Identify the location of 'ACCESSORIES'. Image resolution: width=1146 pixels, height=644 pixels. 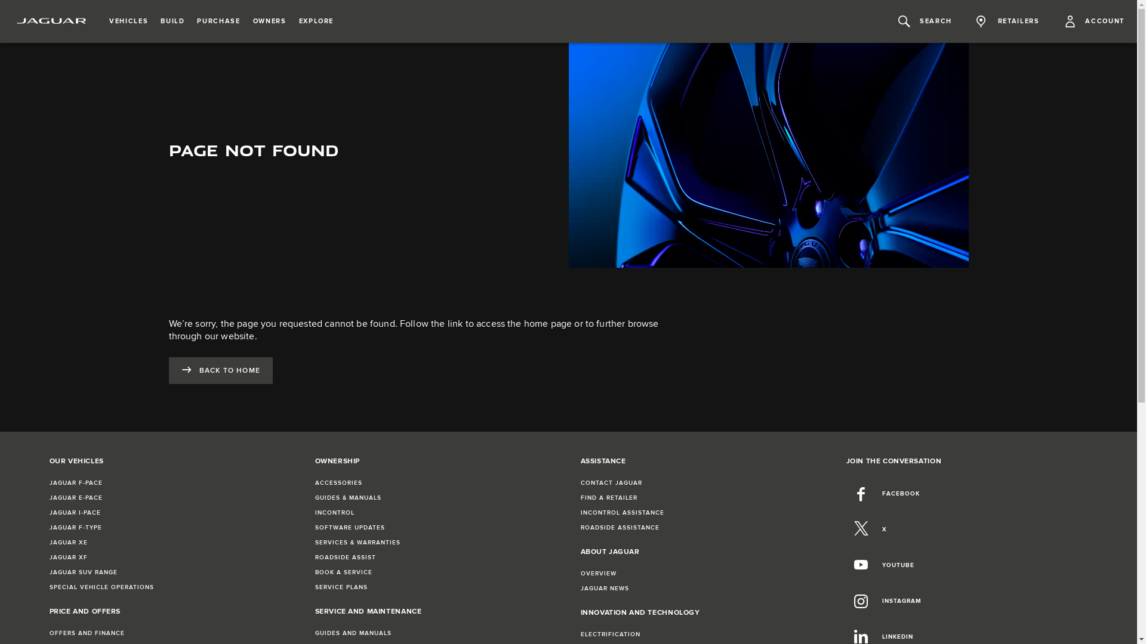
(338, 483).